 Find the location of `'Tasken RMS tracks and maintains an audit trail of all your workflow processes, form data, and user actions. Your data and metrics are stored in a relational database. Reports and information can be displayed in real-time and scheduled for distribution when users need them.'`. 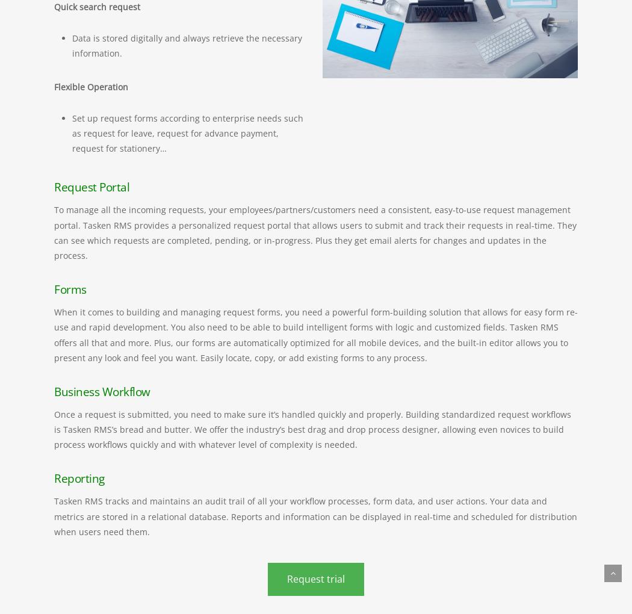

'Tasken RMS tracks and maintains an audit trail of all your workflow processes, form data, and user actions. Your data and metrics are stored in a relational database. Reports and information can be displayed in real-time and scheduled for distribution when users need them.' is located at coordinates (54, 515).